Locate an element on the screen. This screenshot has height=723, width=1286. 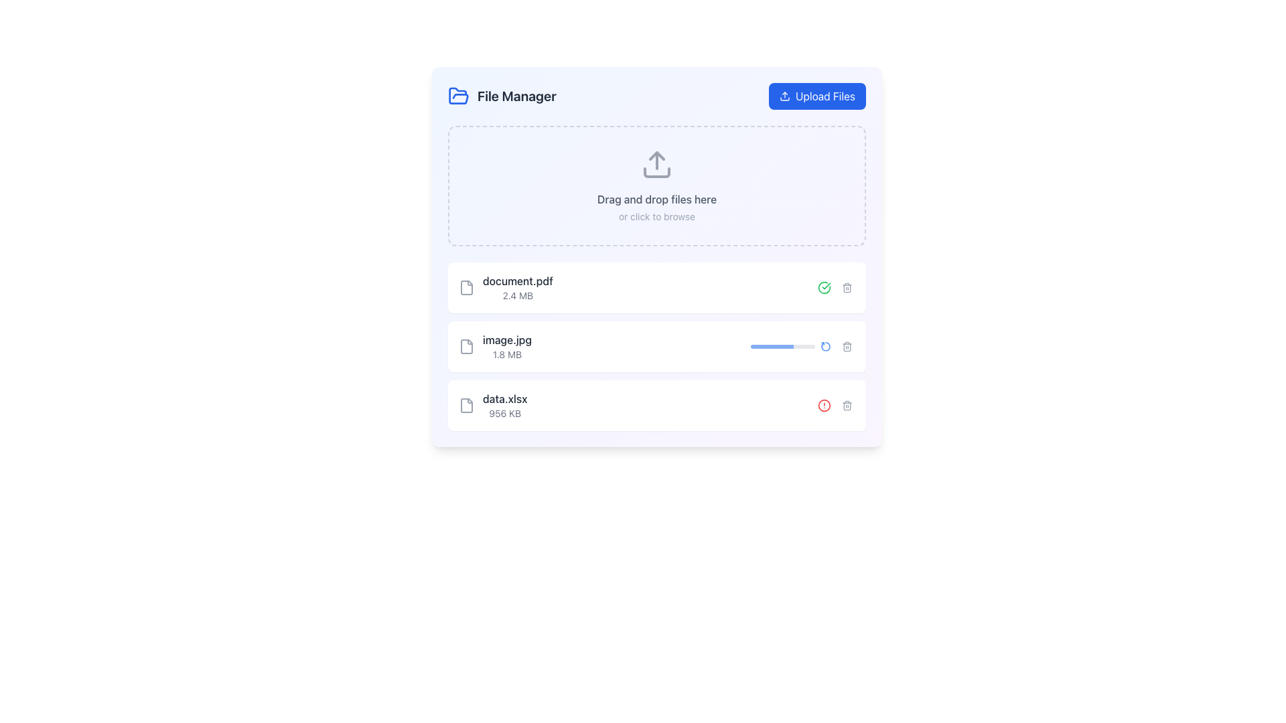
the Loading progress indicator for the 'image.jpg' file, which visually represents the loading status of the task, positioned in the middle of the second file row in the file manager interface is located at coordinates (772, 345).